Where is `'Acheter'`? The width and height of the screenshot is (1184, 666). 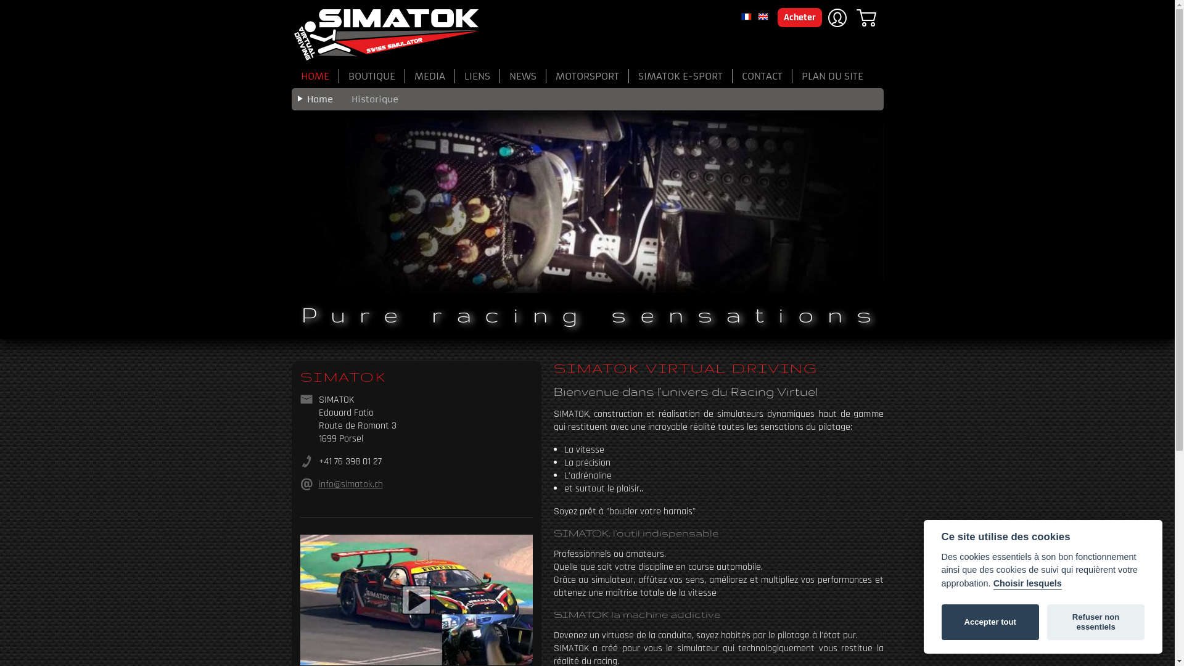
'Acheter' is located at coordinates (799, 17).